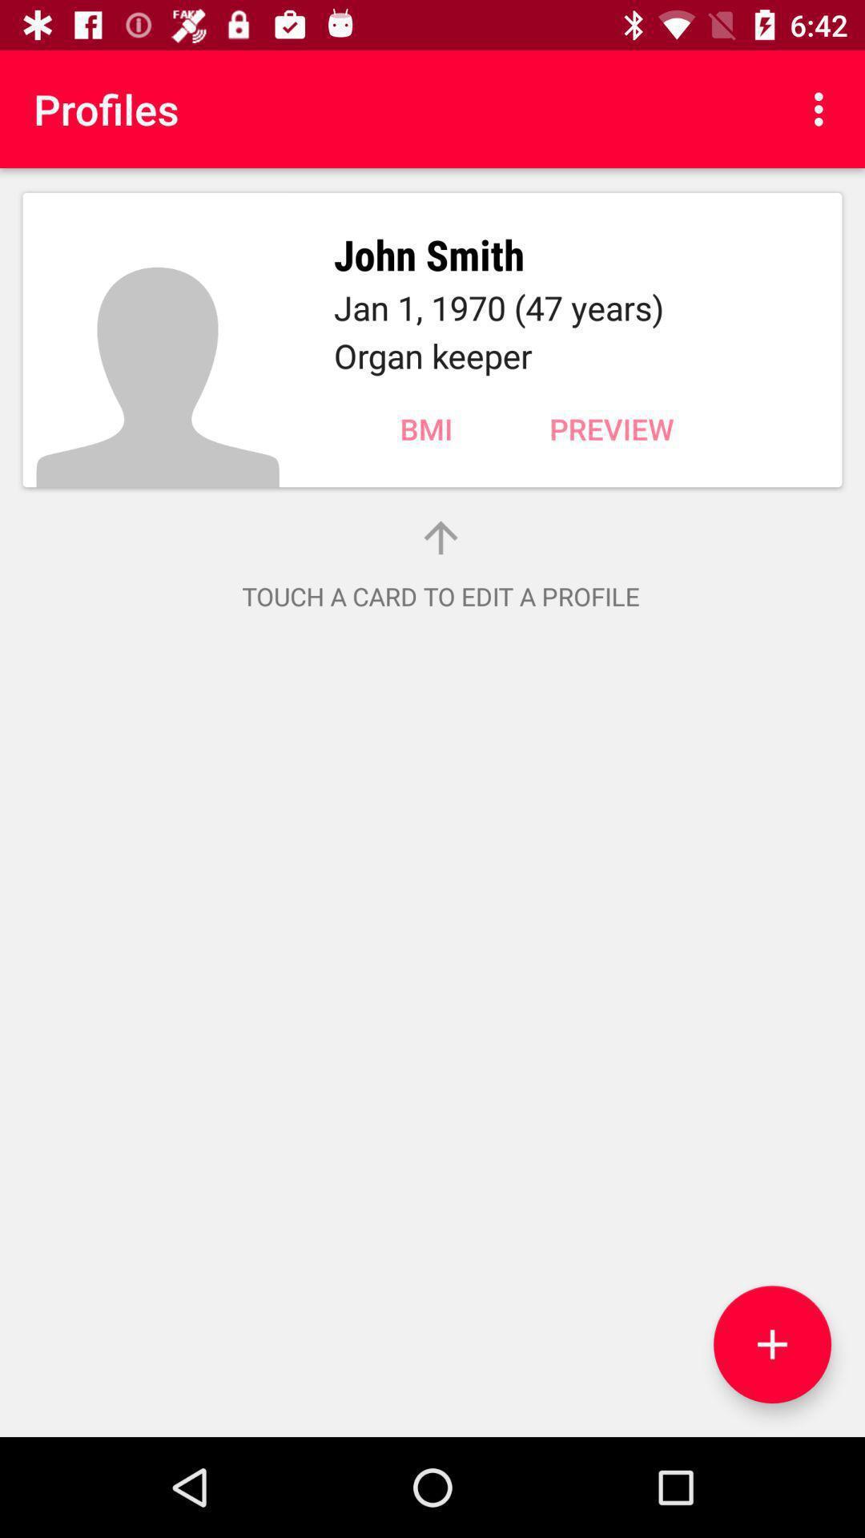 The width and height of the screenshot is (865, 1538). What do you see at coordinates (823, 108) in the screenshot?
I see `the item to the right of profiles icon` at bounding box center [823, 108].